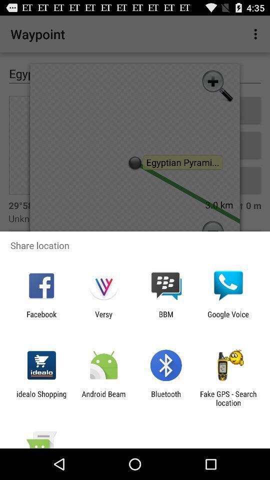  I want to click on the icon to the right of android beam app, so click(166, 398).